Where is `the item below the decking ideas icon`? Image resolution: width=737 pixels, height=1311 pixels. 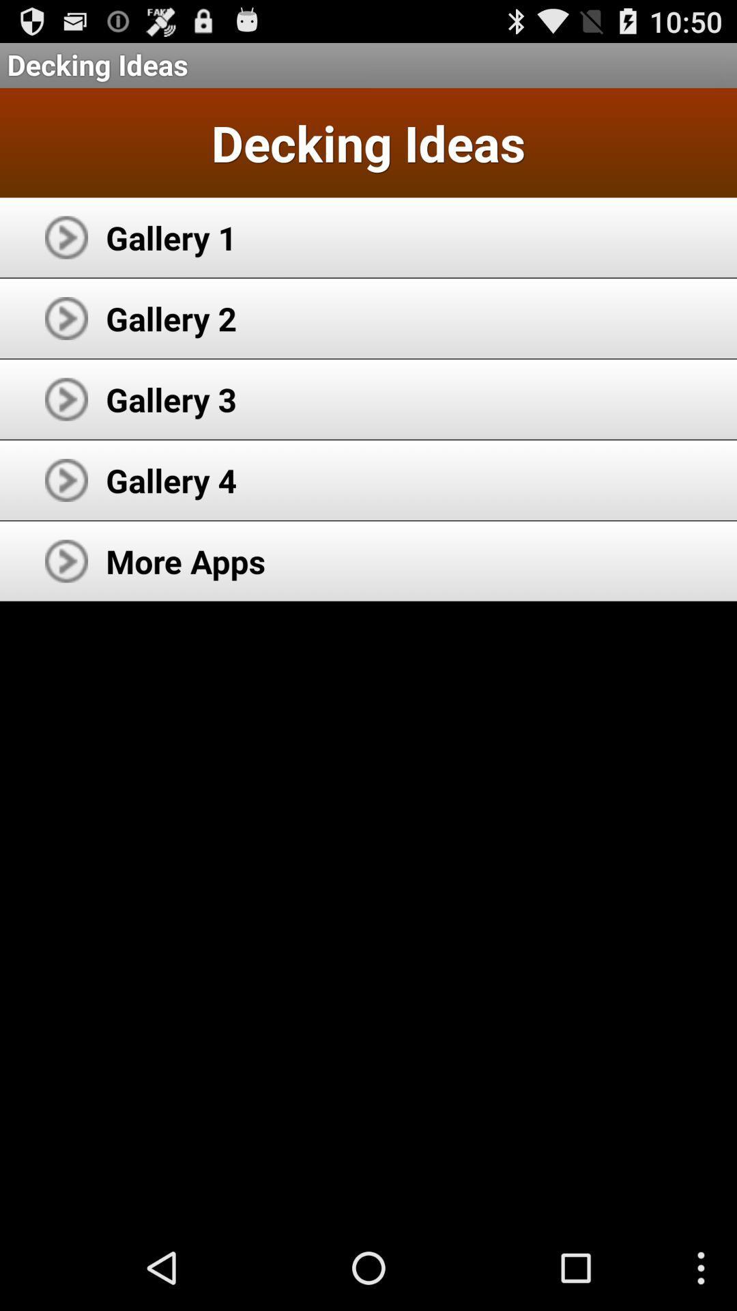 the item below the decking ideas icon is located at coordinates (171, 237).